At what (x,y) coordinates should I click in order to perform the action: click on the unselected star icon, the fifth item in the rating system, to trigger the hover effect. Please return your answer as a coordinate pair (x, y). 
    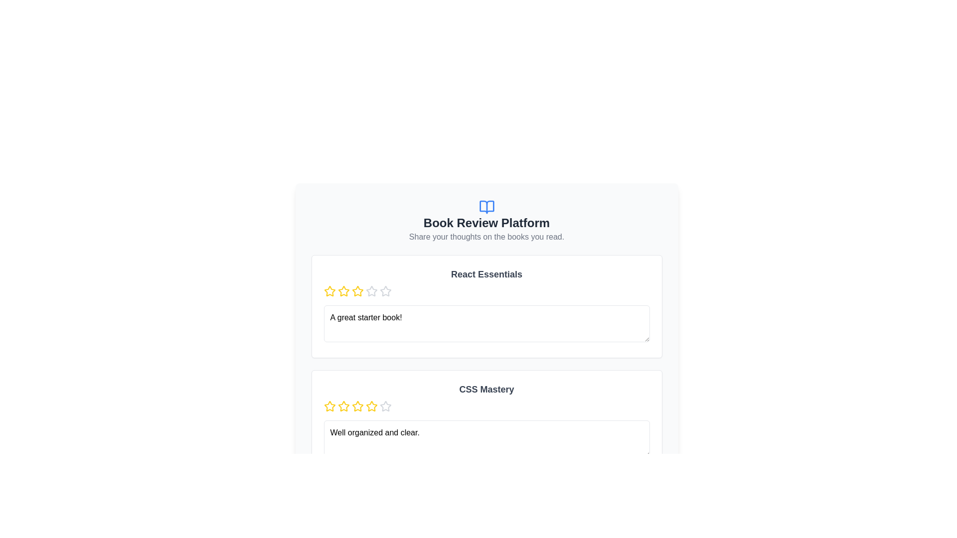
    Looking at the image, I should click on (385, 291).